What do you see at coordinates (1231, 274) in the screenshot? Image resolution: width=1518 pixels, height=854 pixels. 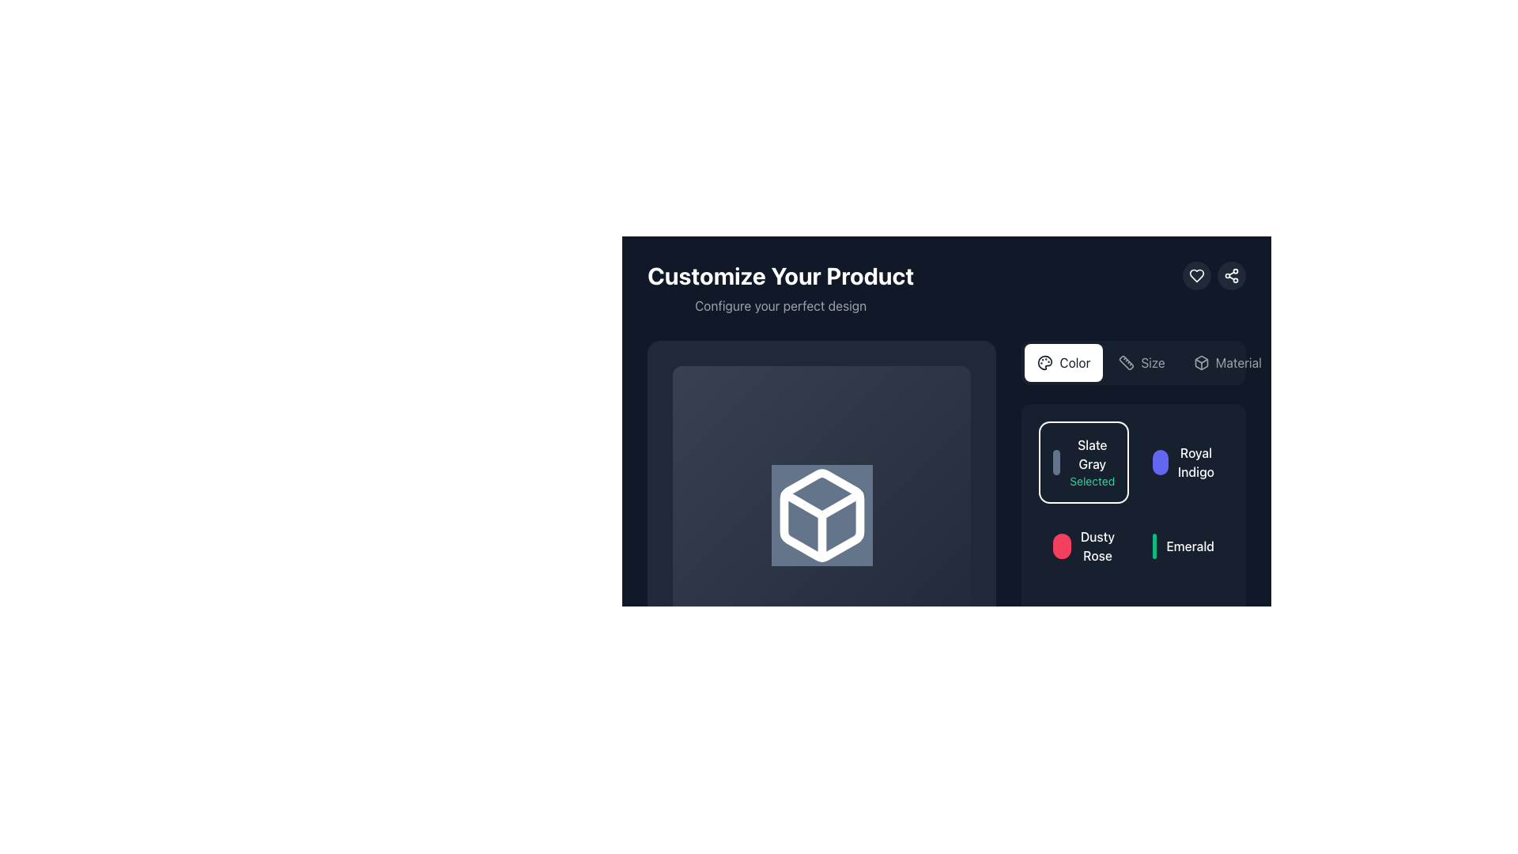 I see `the share button located in the top-right corner of the interface, adjacent to the heart-shaped favorite icon` at bounding box center [1231, 274].